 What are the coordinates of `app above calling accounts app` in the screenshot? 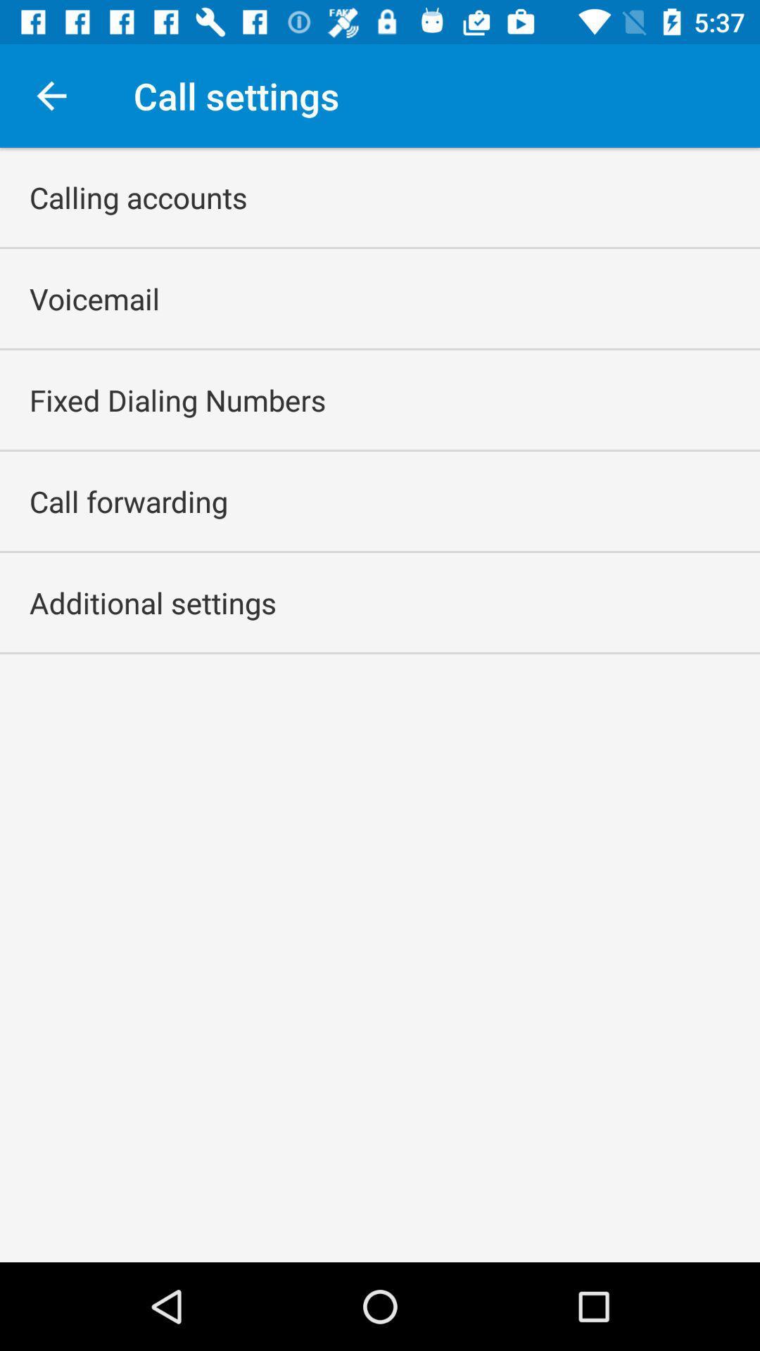 It's located at (51, 95).